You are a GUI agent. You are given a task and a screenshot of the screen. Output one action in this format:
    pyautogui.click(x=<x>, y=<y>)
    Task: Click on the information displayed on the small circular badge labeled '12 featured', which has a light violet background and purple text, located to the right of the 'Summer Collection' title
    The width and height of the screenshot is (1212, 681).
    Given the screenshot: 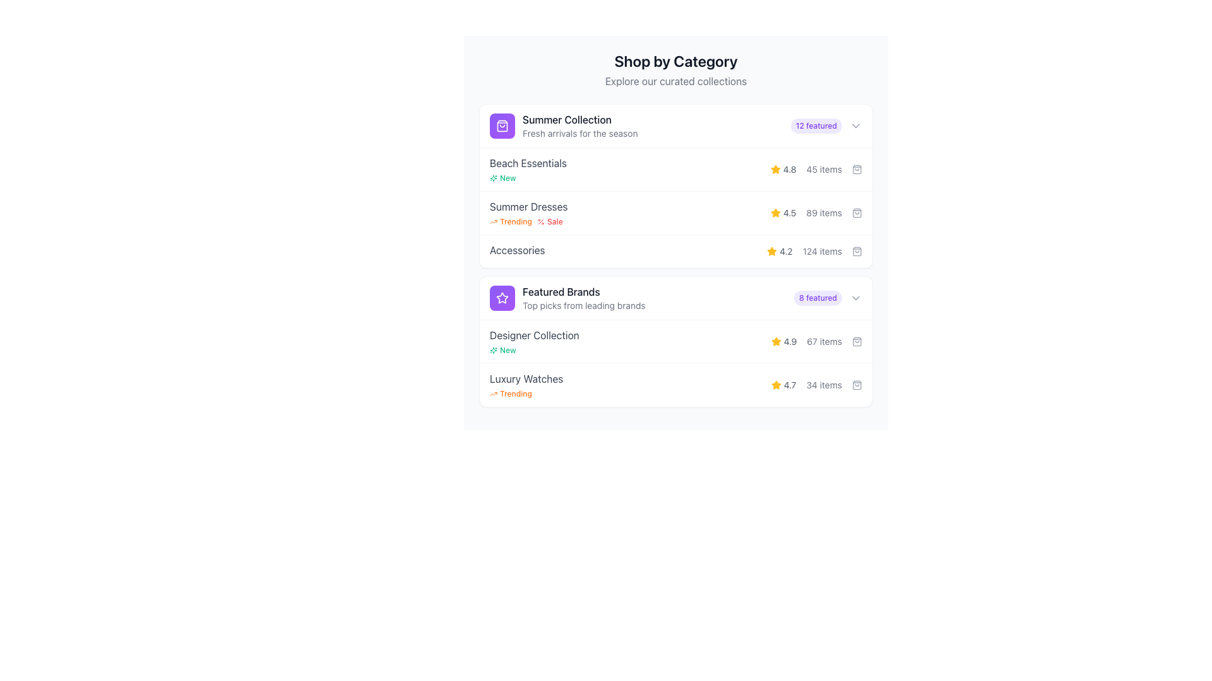 What is the action you would take?
    pyautogui.click(x=816, y=126)
    